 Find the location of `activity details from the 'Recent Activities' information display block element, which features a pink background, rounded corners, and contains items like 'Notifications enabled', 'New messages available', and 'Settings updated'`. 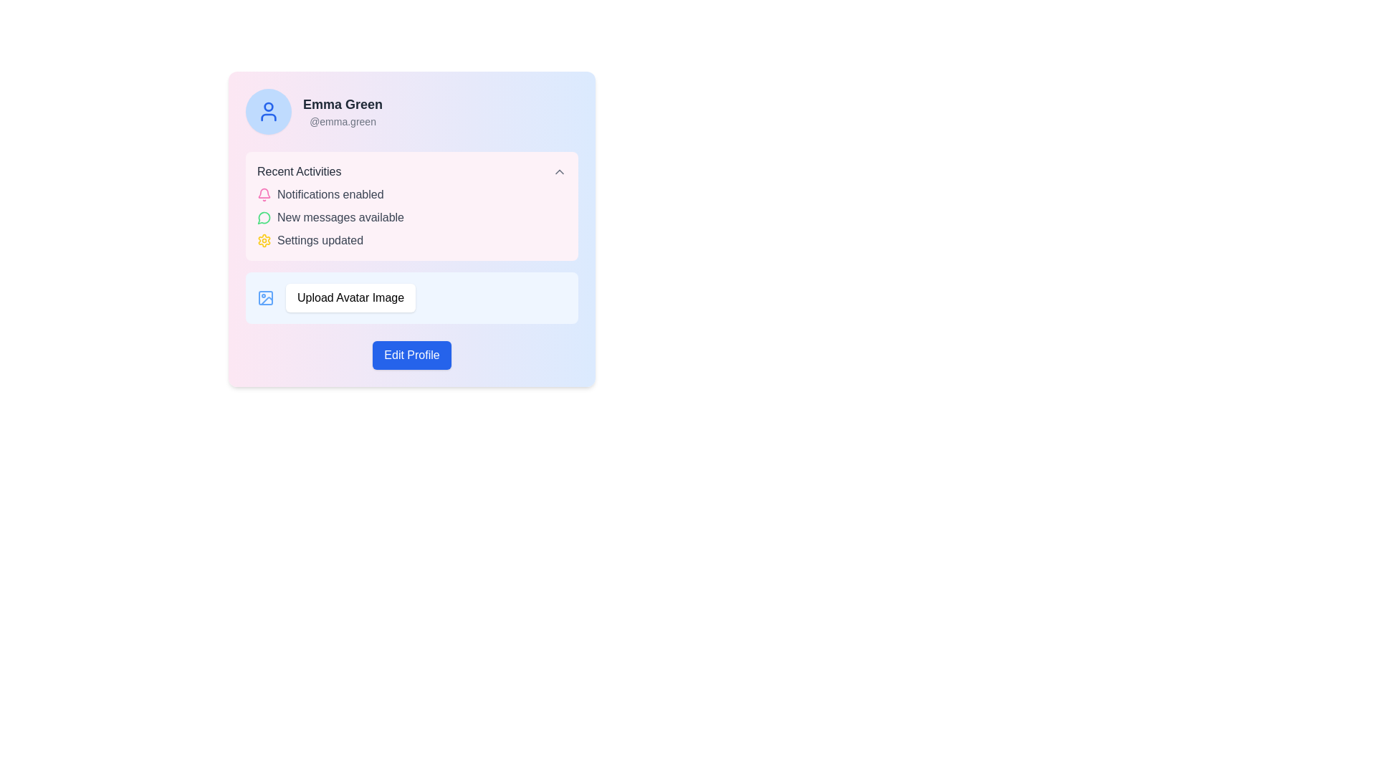

activity details from the 'Recent Activities' information display block element, which features a pink background, rounded corners, and contains items like 'Notifications enabled', 'New messages available', and 'Settings updated' is located at coordinates (411, 236).